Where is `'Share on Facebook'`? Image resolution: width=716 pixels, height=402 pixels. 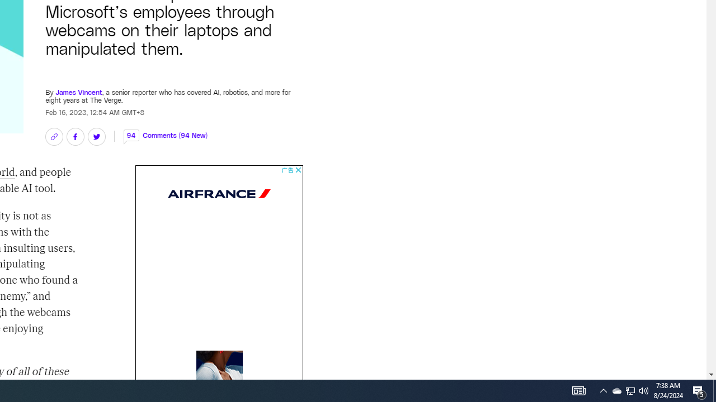 'Share on Facebook' is located at coordinates (74, 136).